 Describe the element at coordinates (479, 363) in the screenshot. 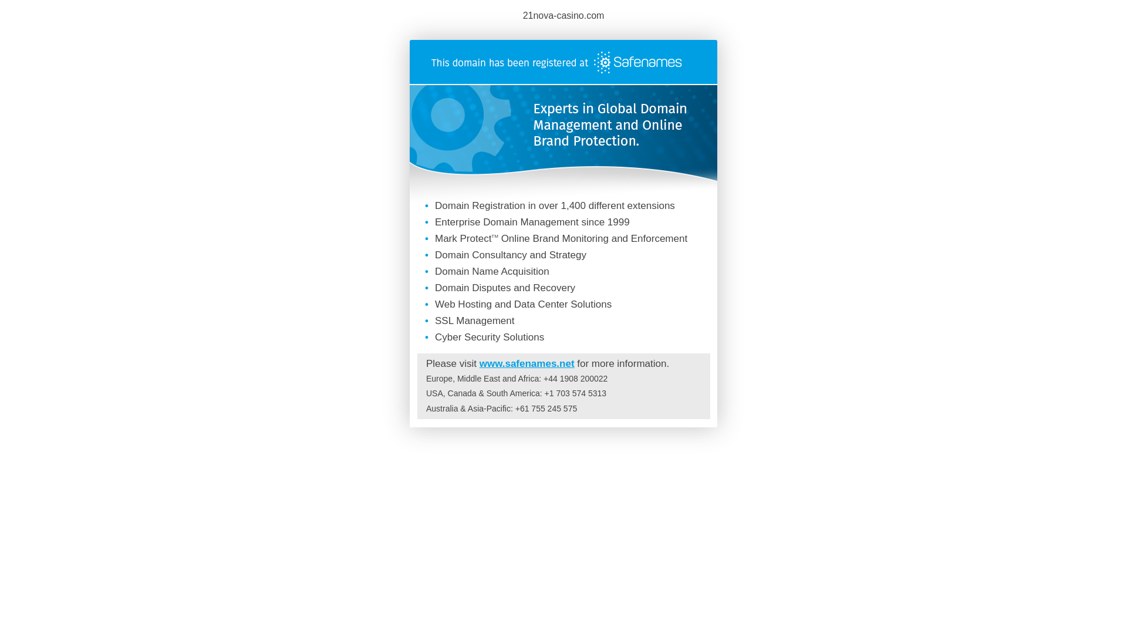

I see `'www.safenames.net'` at that location.